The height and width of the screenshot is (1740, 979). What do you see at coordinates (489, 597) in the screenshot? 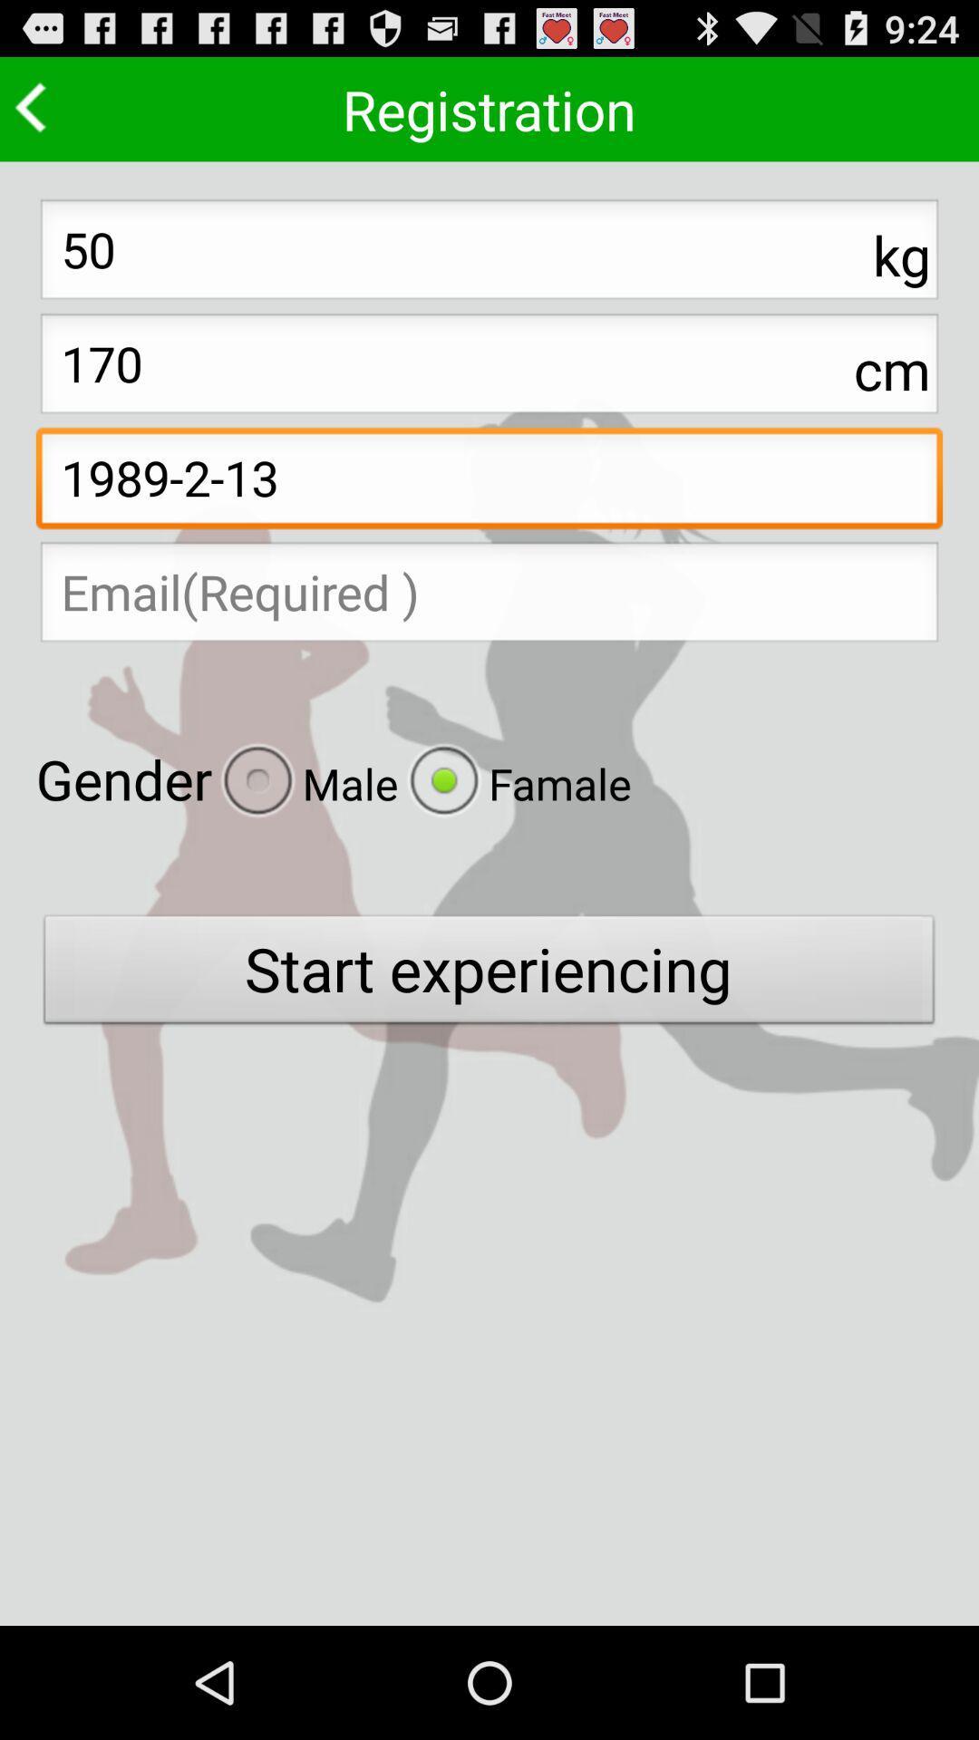
I see `your email` at bounding box center [489, 597].